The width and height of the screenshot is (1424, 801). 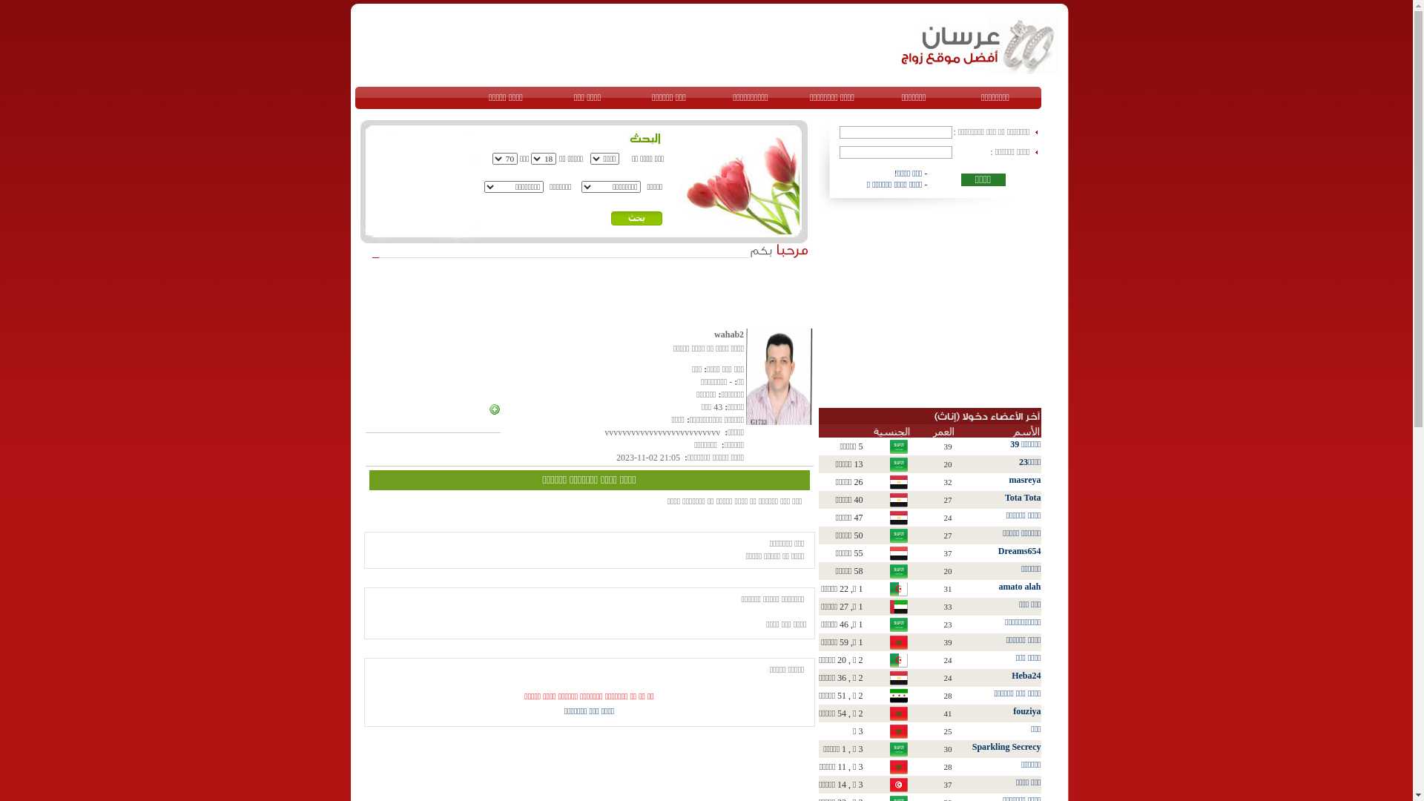 I want to click on 'Heba24', so click(x=1025, y=675).